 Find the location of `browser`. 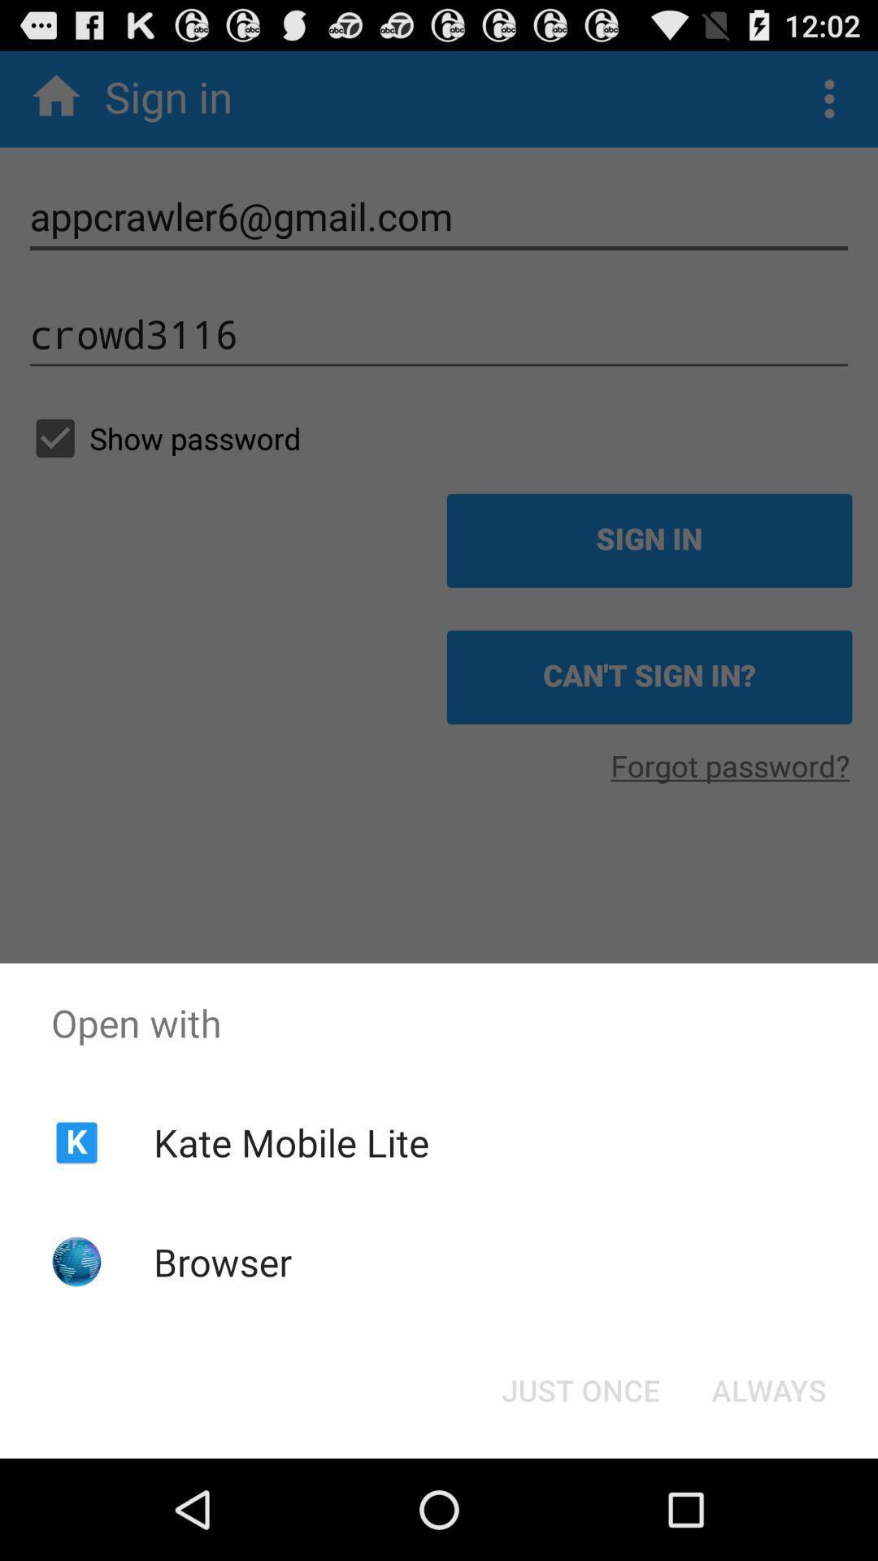

browser is located at coordinates (223, 1261).